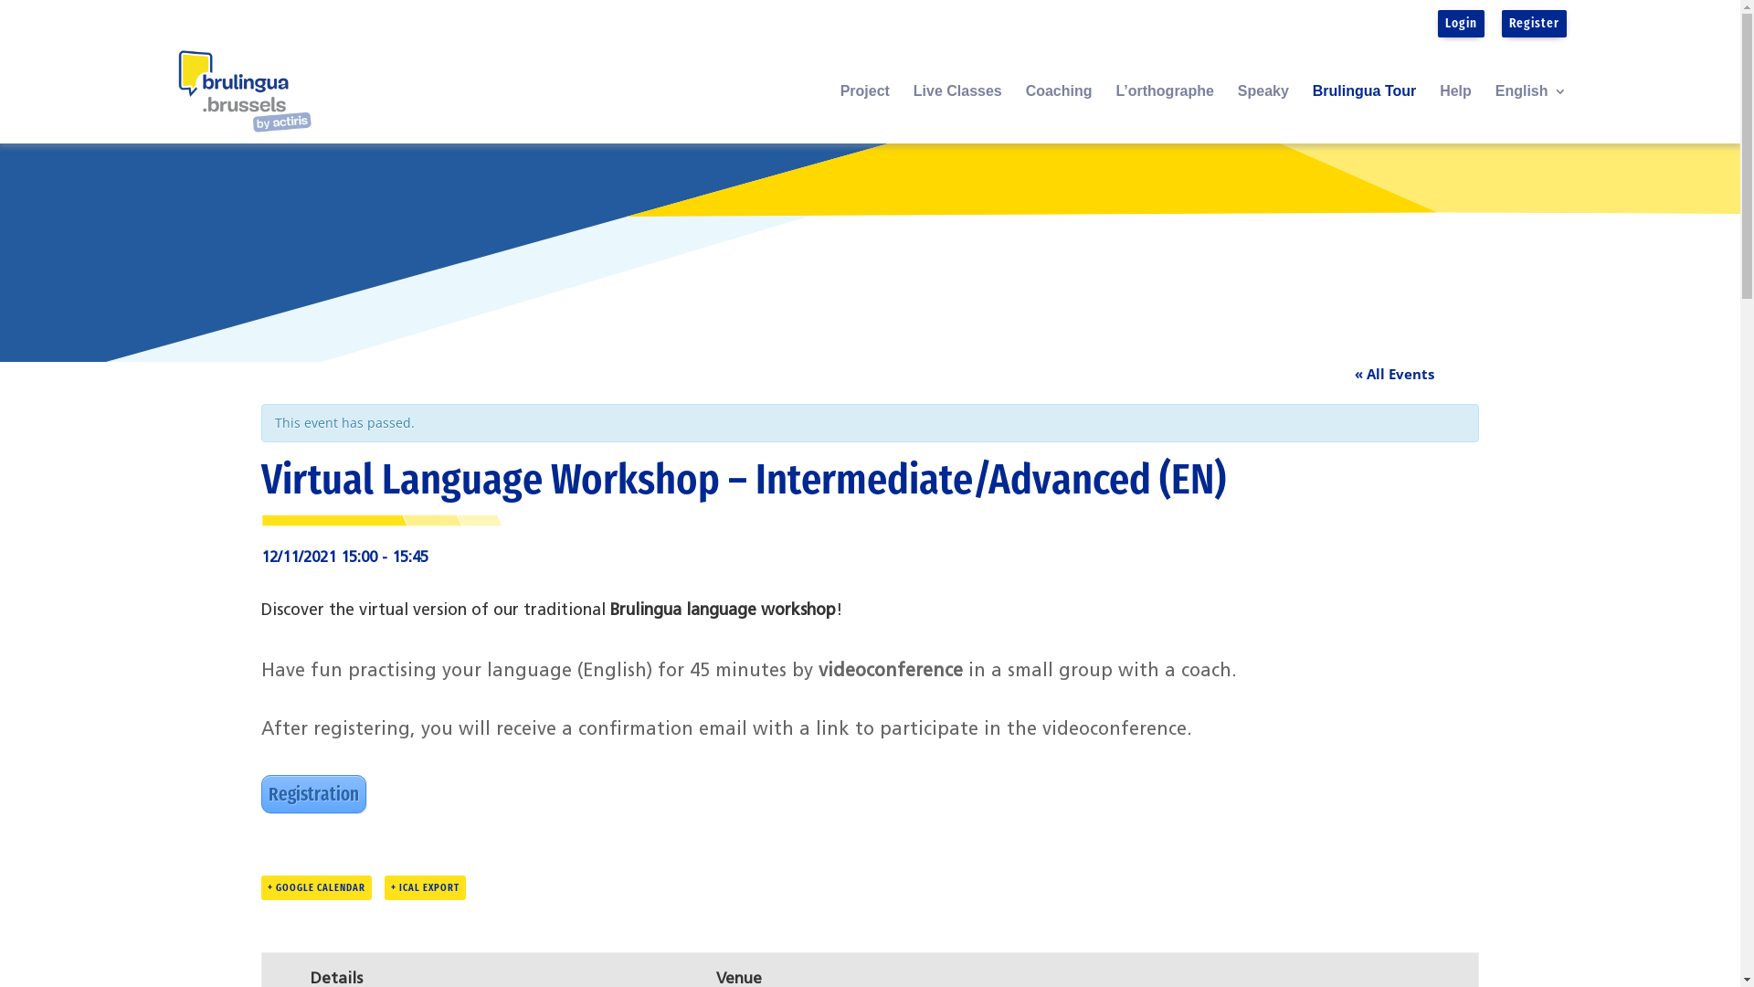 The height and width of the screenshot is (987, 1754). What do you see at coordinates (1534, 22) in the screenshot?
I see `'Register'` at bounding box center [1534, 22].